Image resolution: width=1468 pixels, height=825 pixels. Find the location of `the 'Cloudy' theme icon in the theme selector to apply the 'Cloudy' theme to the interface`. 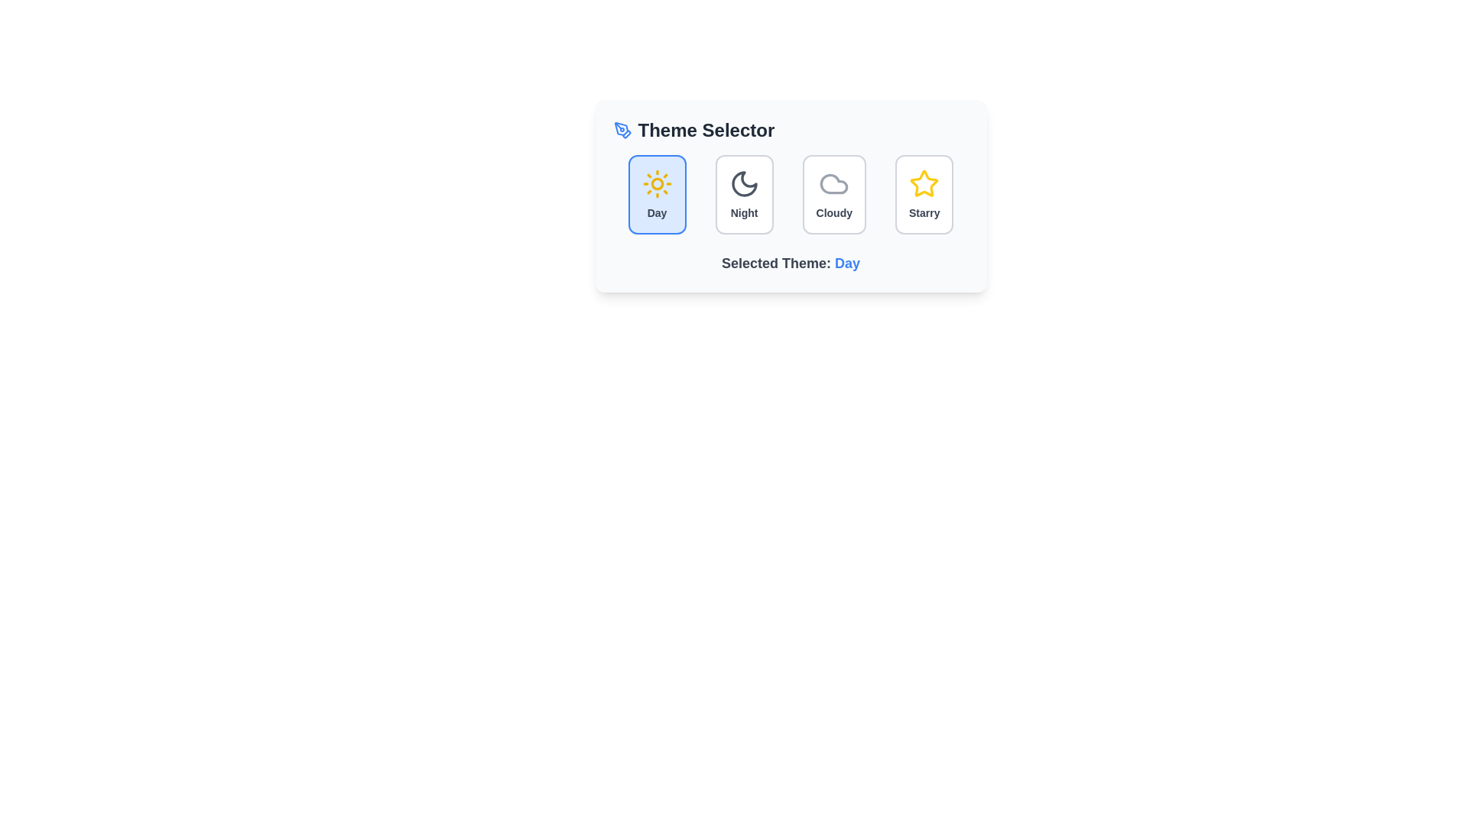

the 'Cloudy' theme icon in the theme selector to apply the 'Cloudy' theme to the interface is located at coordinates (833, 183).